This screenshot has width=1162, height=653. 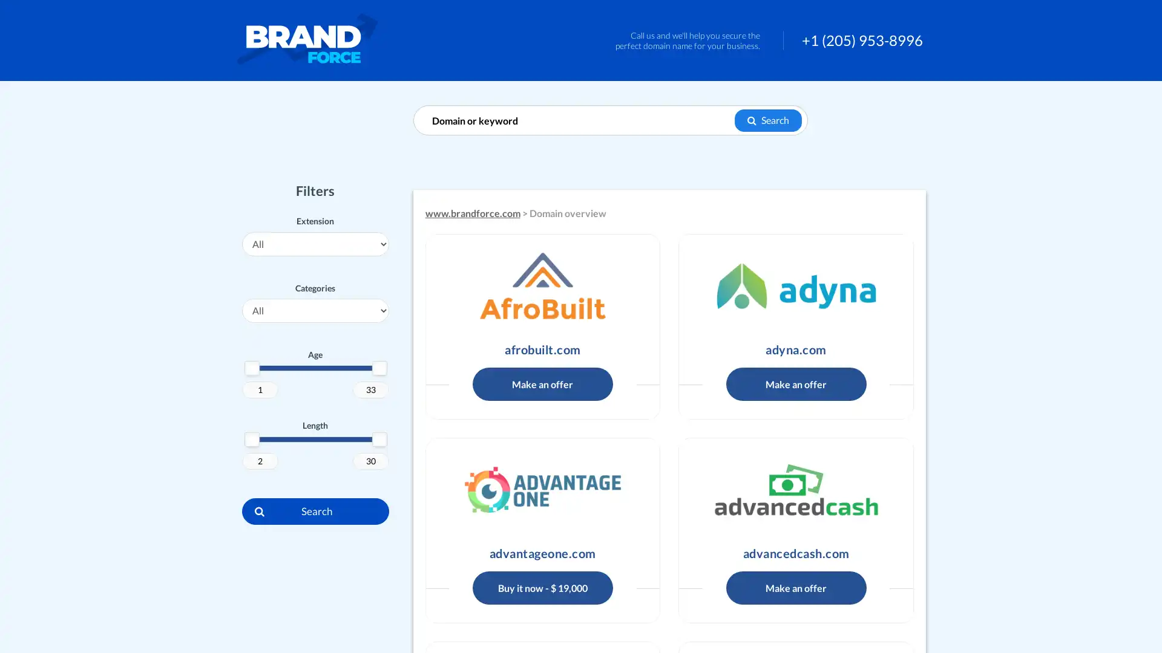 I want to click on Make an offer, so click(x=796, y=586).